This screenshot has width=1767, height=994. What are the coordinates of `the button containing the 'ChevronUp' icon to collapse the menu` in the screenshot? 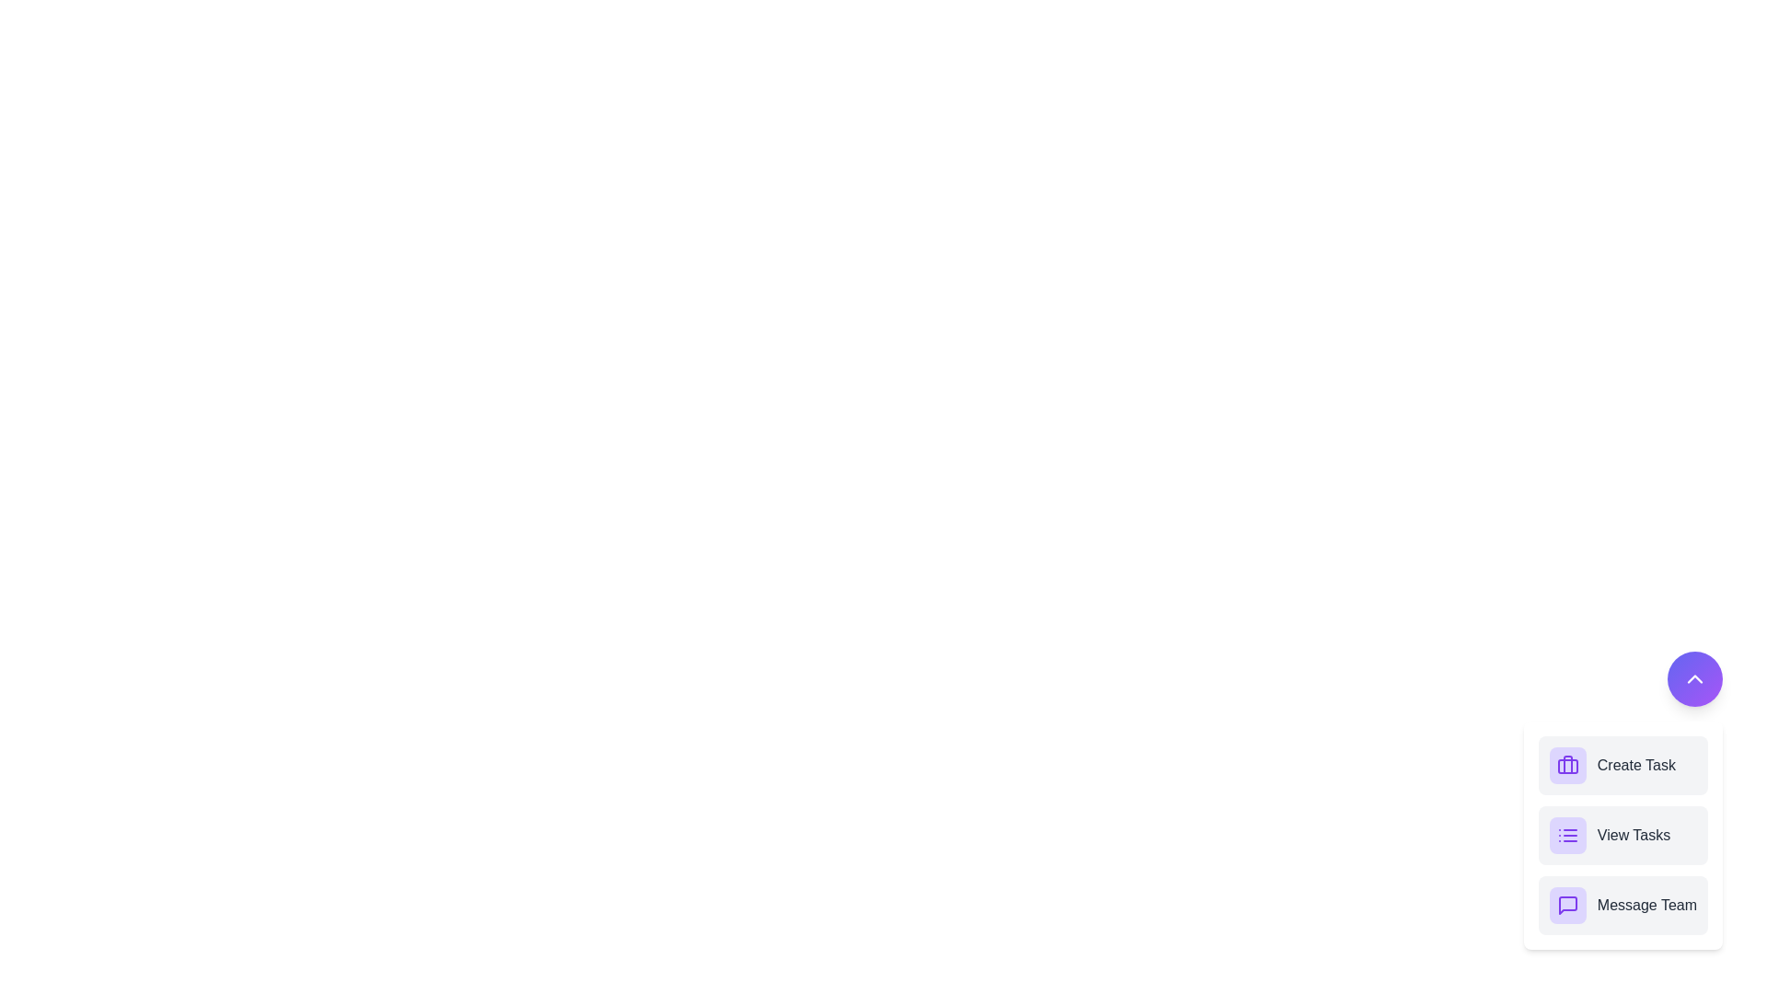 It's located at (1694, 678).